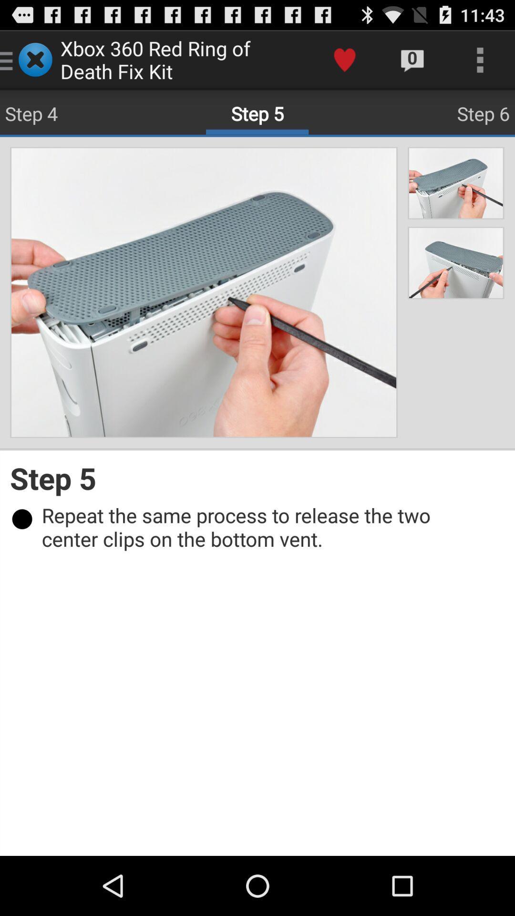  What do you see at coordinates (257, 478) in the screenshot?
I see `step 5 icon` at bounding box center [257, 478].